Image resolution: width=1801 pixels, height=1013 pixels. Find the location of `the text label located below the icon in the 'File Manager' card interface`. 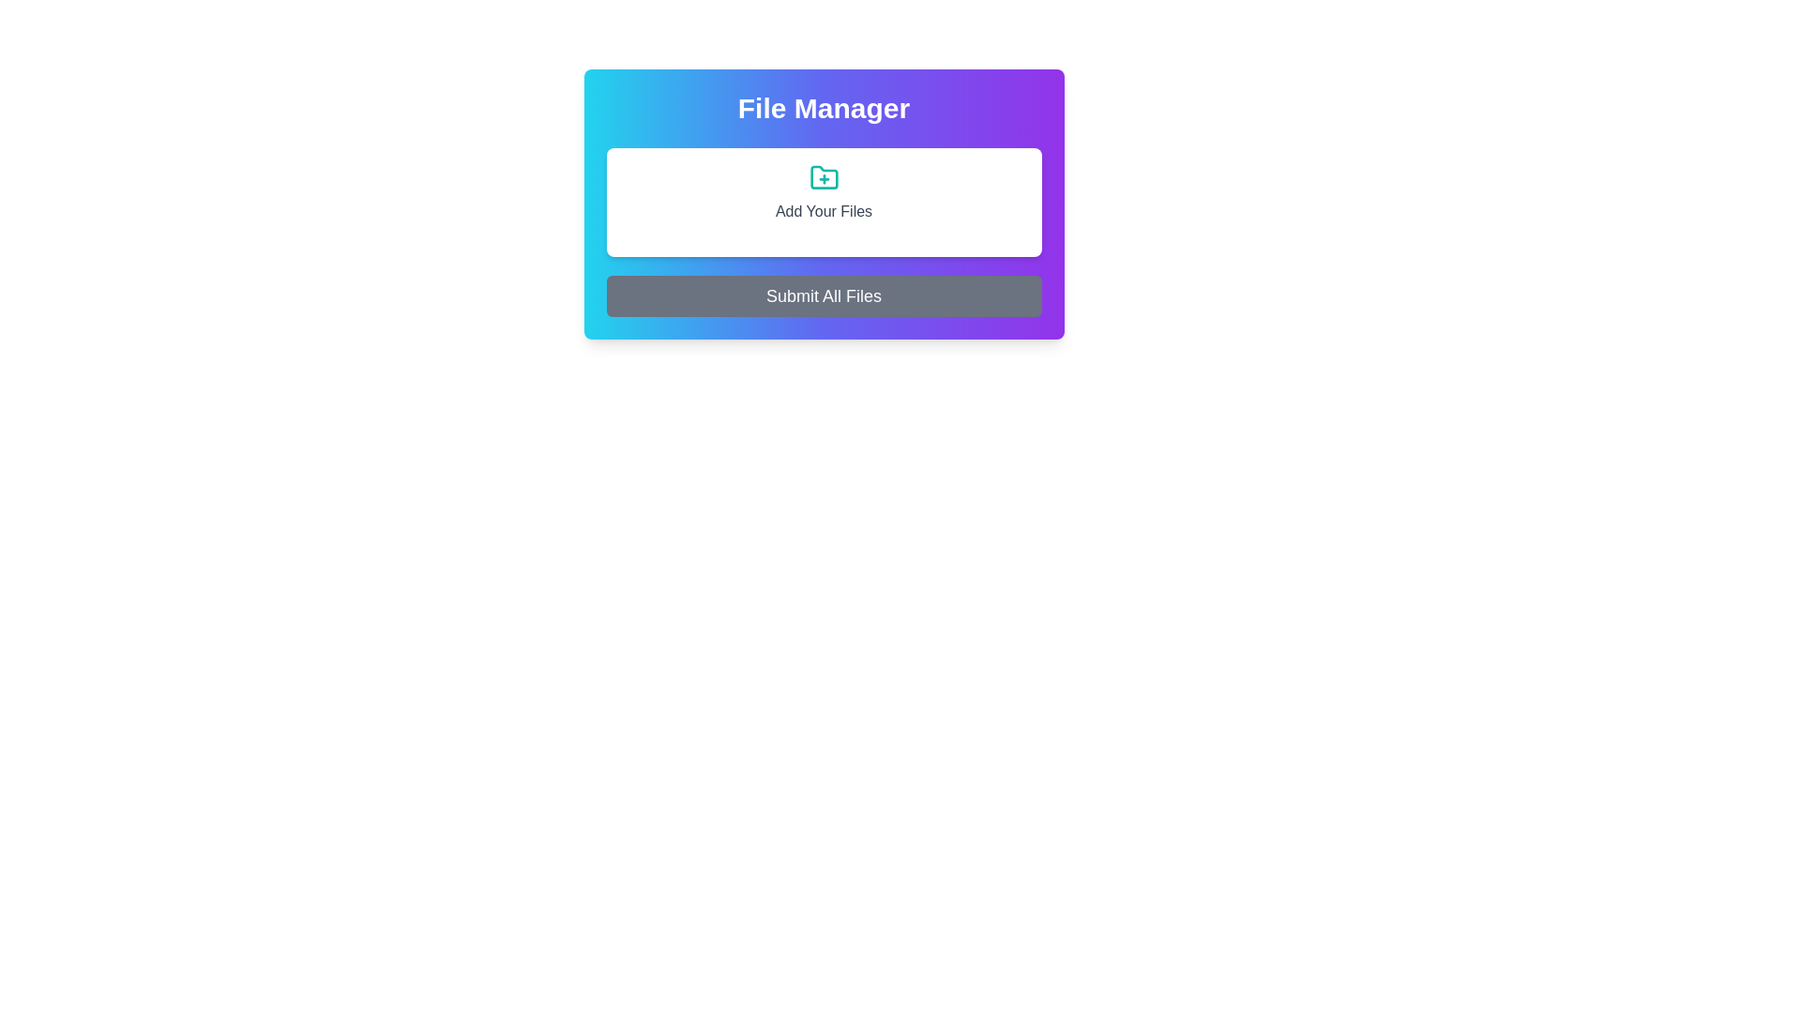

the text label located below the icon in the 'File Manager' card interface is located at coordinates (824, 211).